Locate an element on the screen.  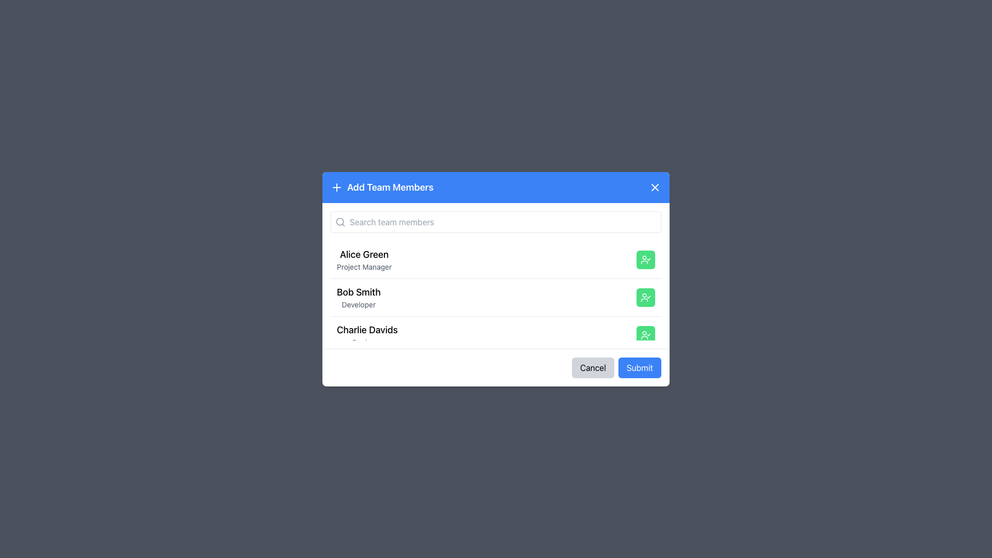
the icon indicating that Charlie Davids has been selected in the list of team members within the 'Add Team Members' modal is located at coordinates (645, 335).